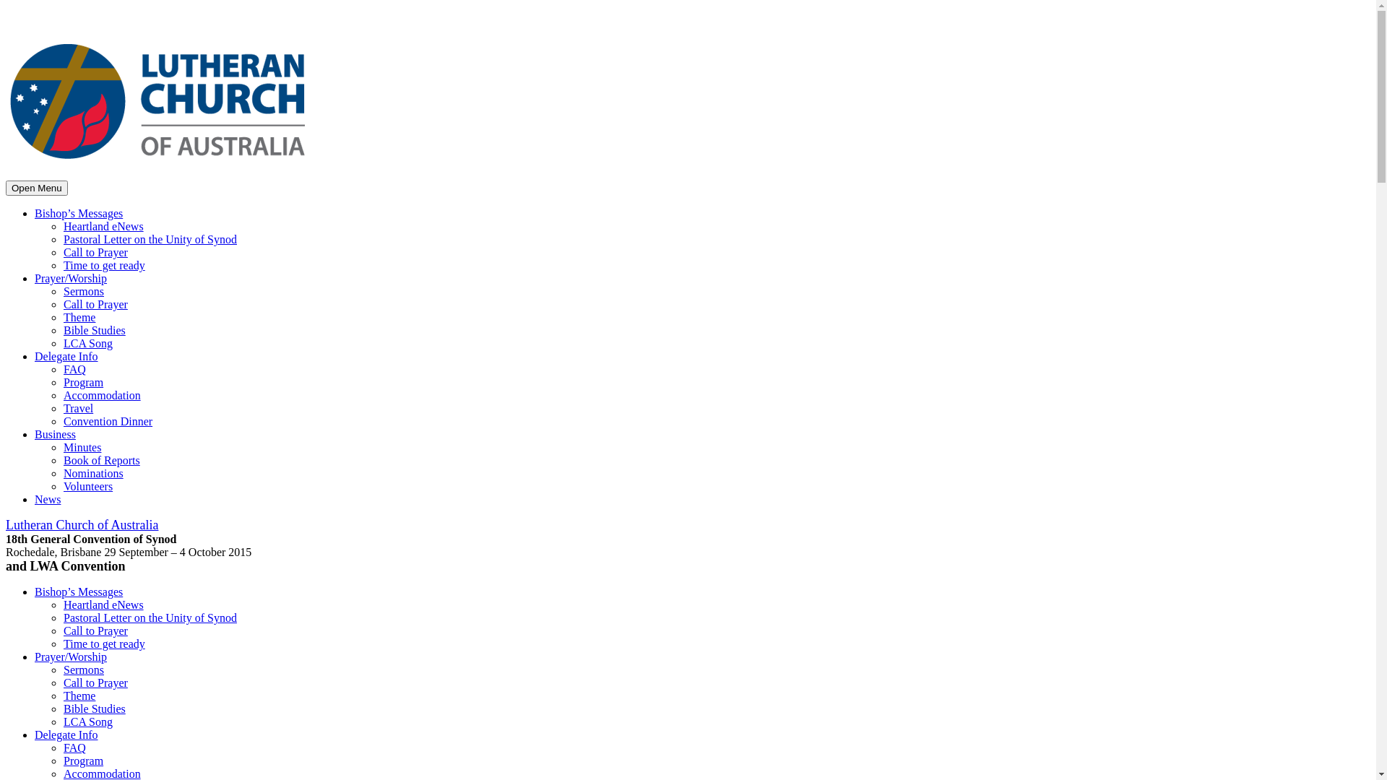 Image resolution: width=1387 pixels, height=780 pixels. Describe the element at coordinates (95, 682) in the screenshot. I see `'Call to Prayer'` at that location.